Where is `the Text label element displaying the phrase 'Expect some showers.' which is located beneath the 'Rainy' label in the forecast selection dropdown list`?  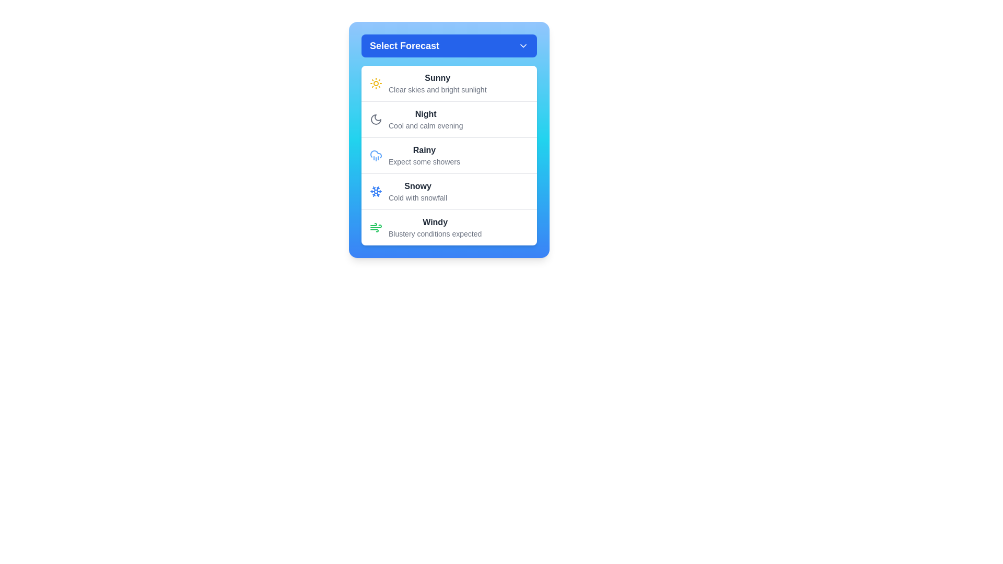 the Text label element displaying the phrase 'Expect some showers.' which is located beneath the 'Rainy' label in the forecast selection dropdown list is located at coordinates (424, 161).